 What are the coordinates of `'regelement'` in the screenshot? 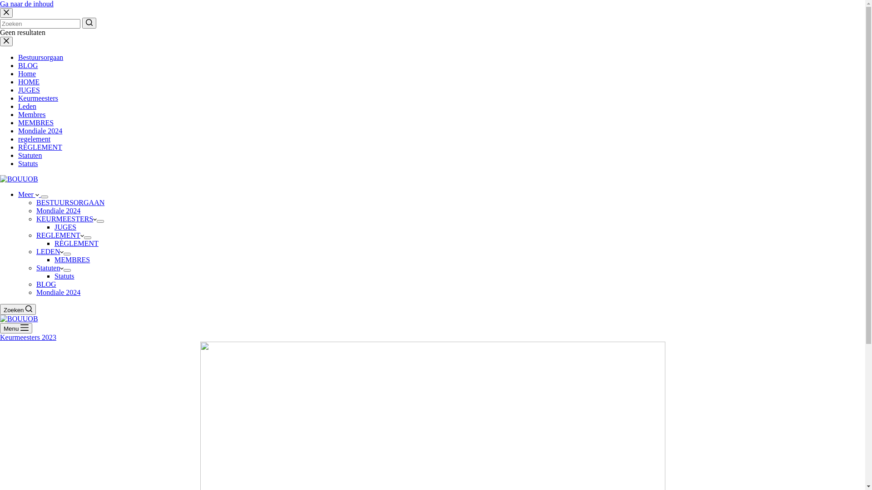 It's located at (34, 139).